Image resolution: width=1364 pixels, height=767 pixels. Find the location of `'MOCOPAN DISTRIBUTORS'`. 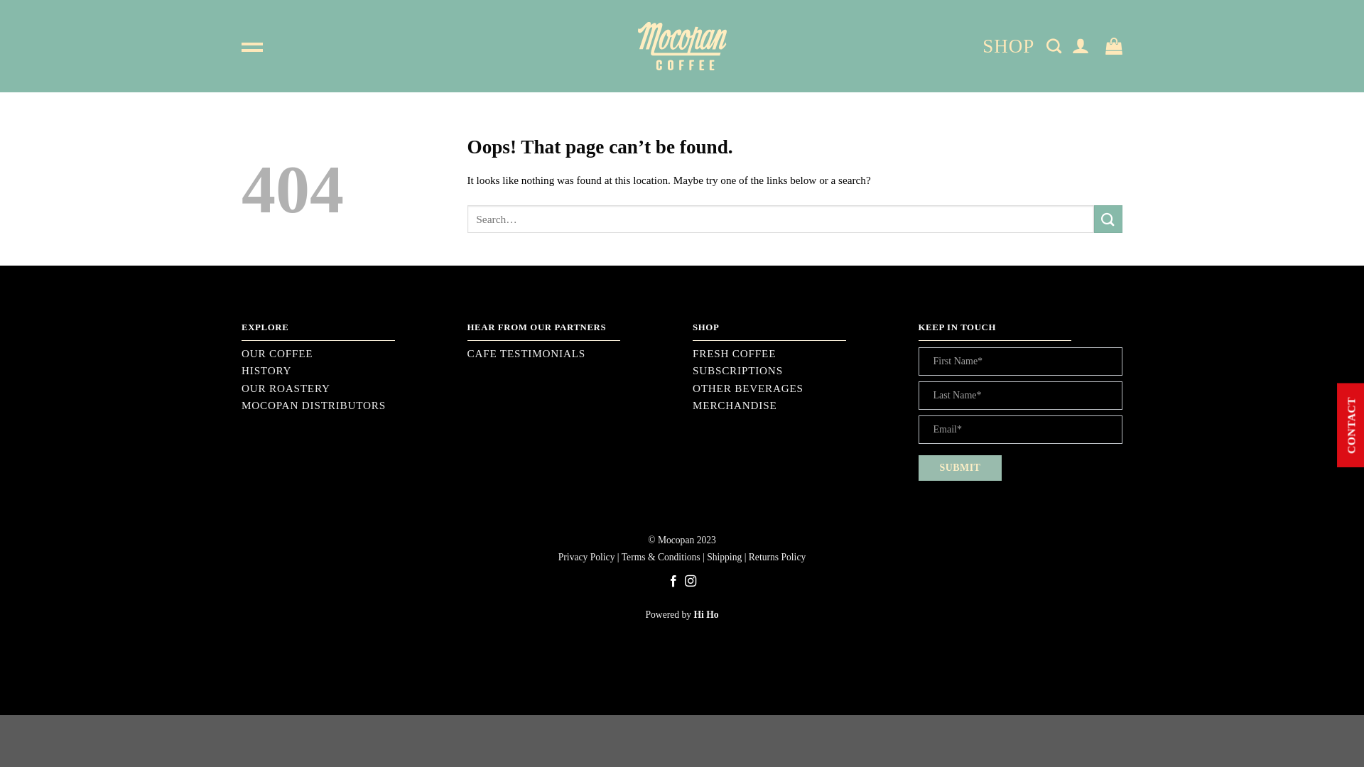

'MOCOPAN DISTRIBUTORS' is located at coordinates (344, 405).